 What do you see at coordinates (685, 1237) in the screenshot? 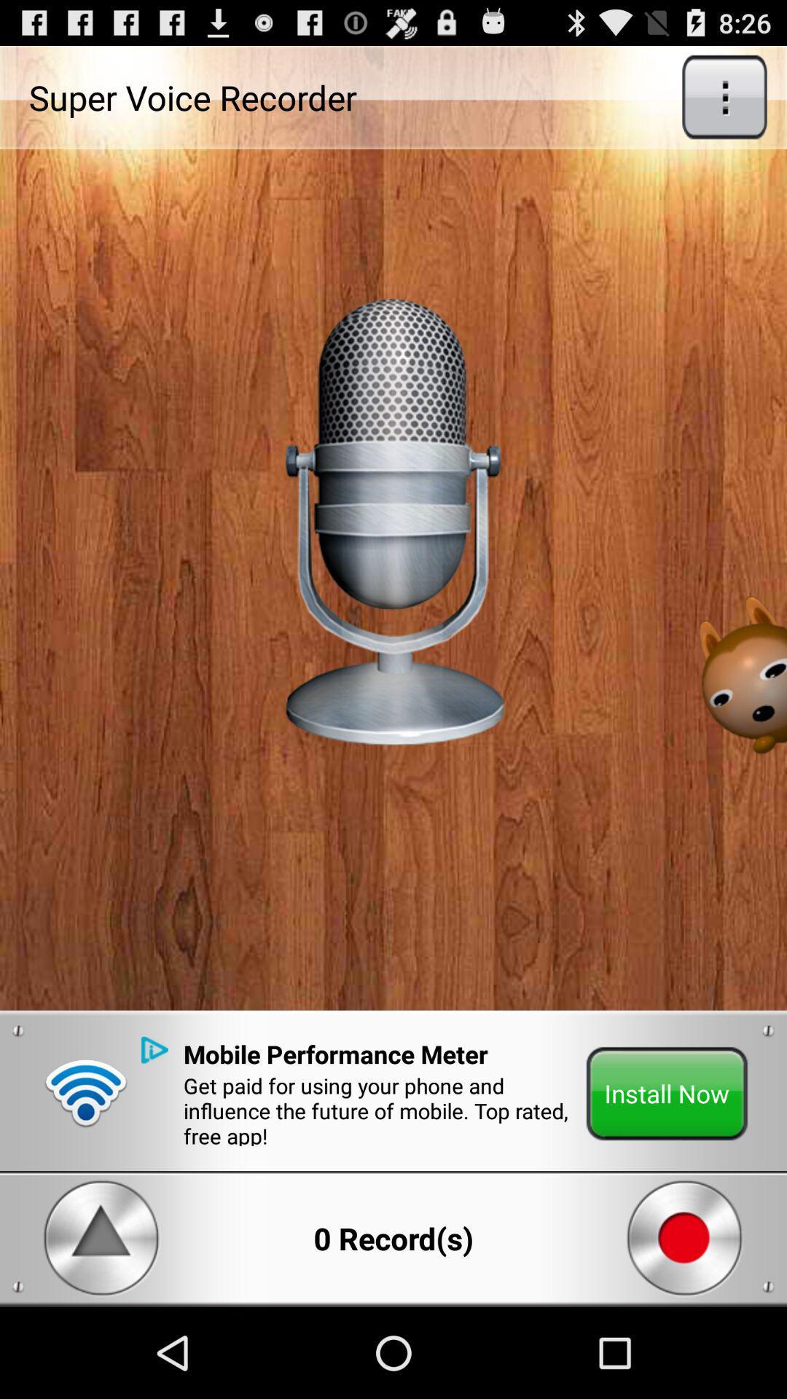
I see `the stop button from the bottom` at bounding box center [685, 1237].